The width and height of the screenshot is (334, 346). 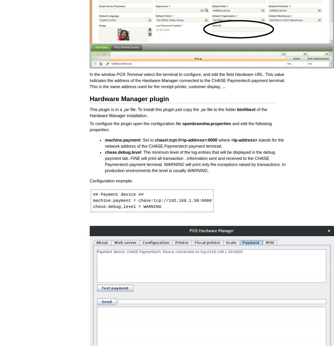 I want to click on '## Payment device ##
machine.payment = chase:tcp://192.168.1.50:6000
chase.debug.level = WARNING', so click(x=152, y=200).